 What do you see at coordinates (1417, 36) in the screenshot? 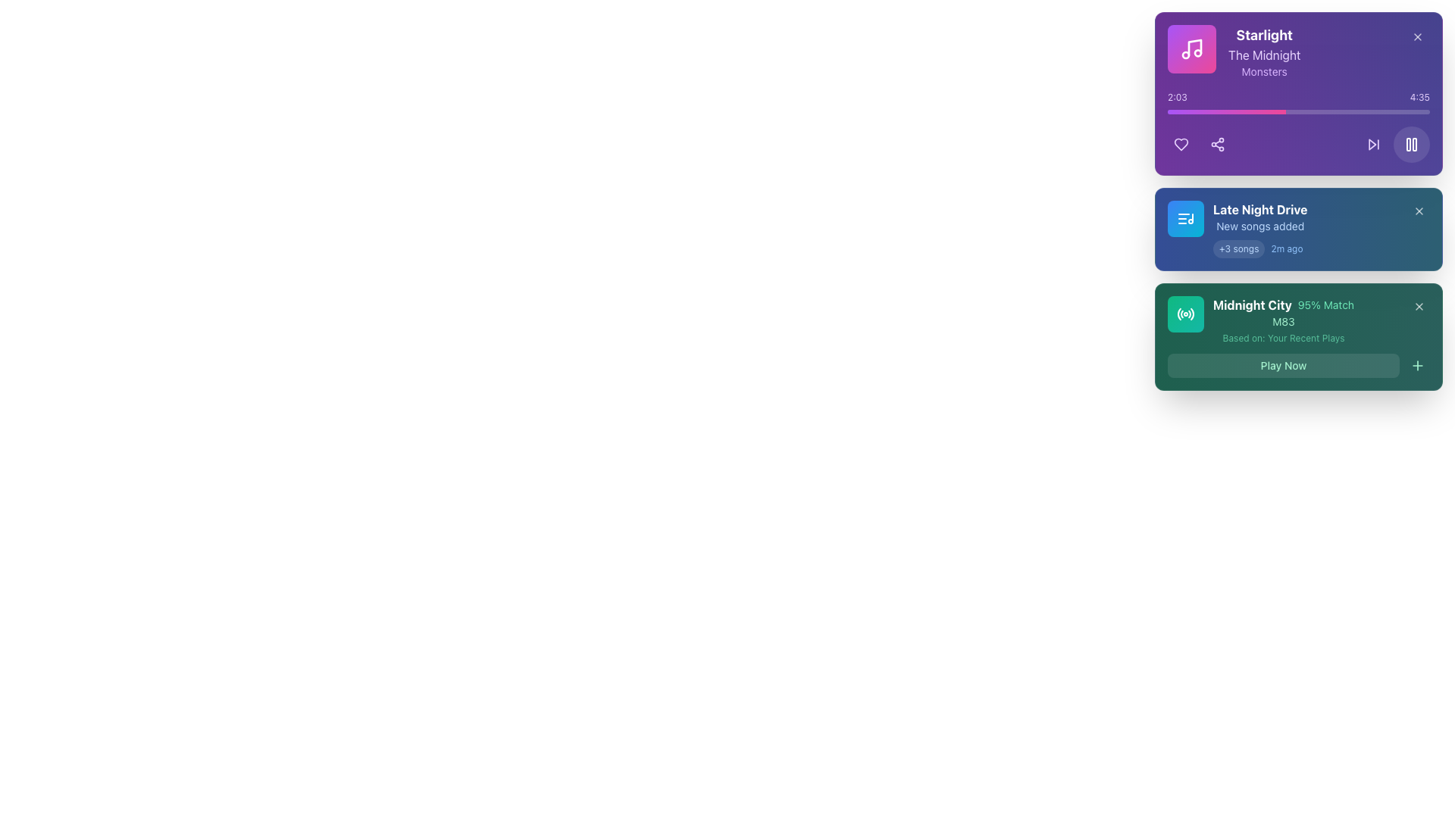
I see `the close button located at the top-right corner of the card for the music item 'Starlight' by 'The Midnight' and 'Monsters'` at bounding box center [1417, 36].